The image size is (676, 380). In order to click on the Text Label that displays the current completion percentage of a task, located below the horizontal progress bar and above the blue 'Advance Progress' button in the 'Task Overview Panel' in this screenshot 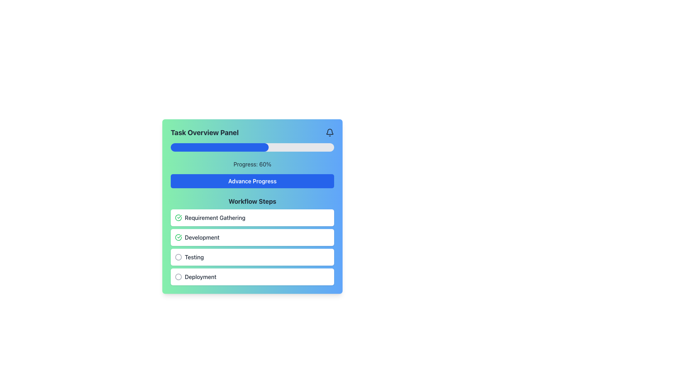, I will do `click(252, 164)`.